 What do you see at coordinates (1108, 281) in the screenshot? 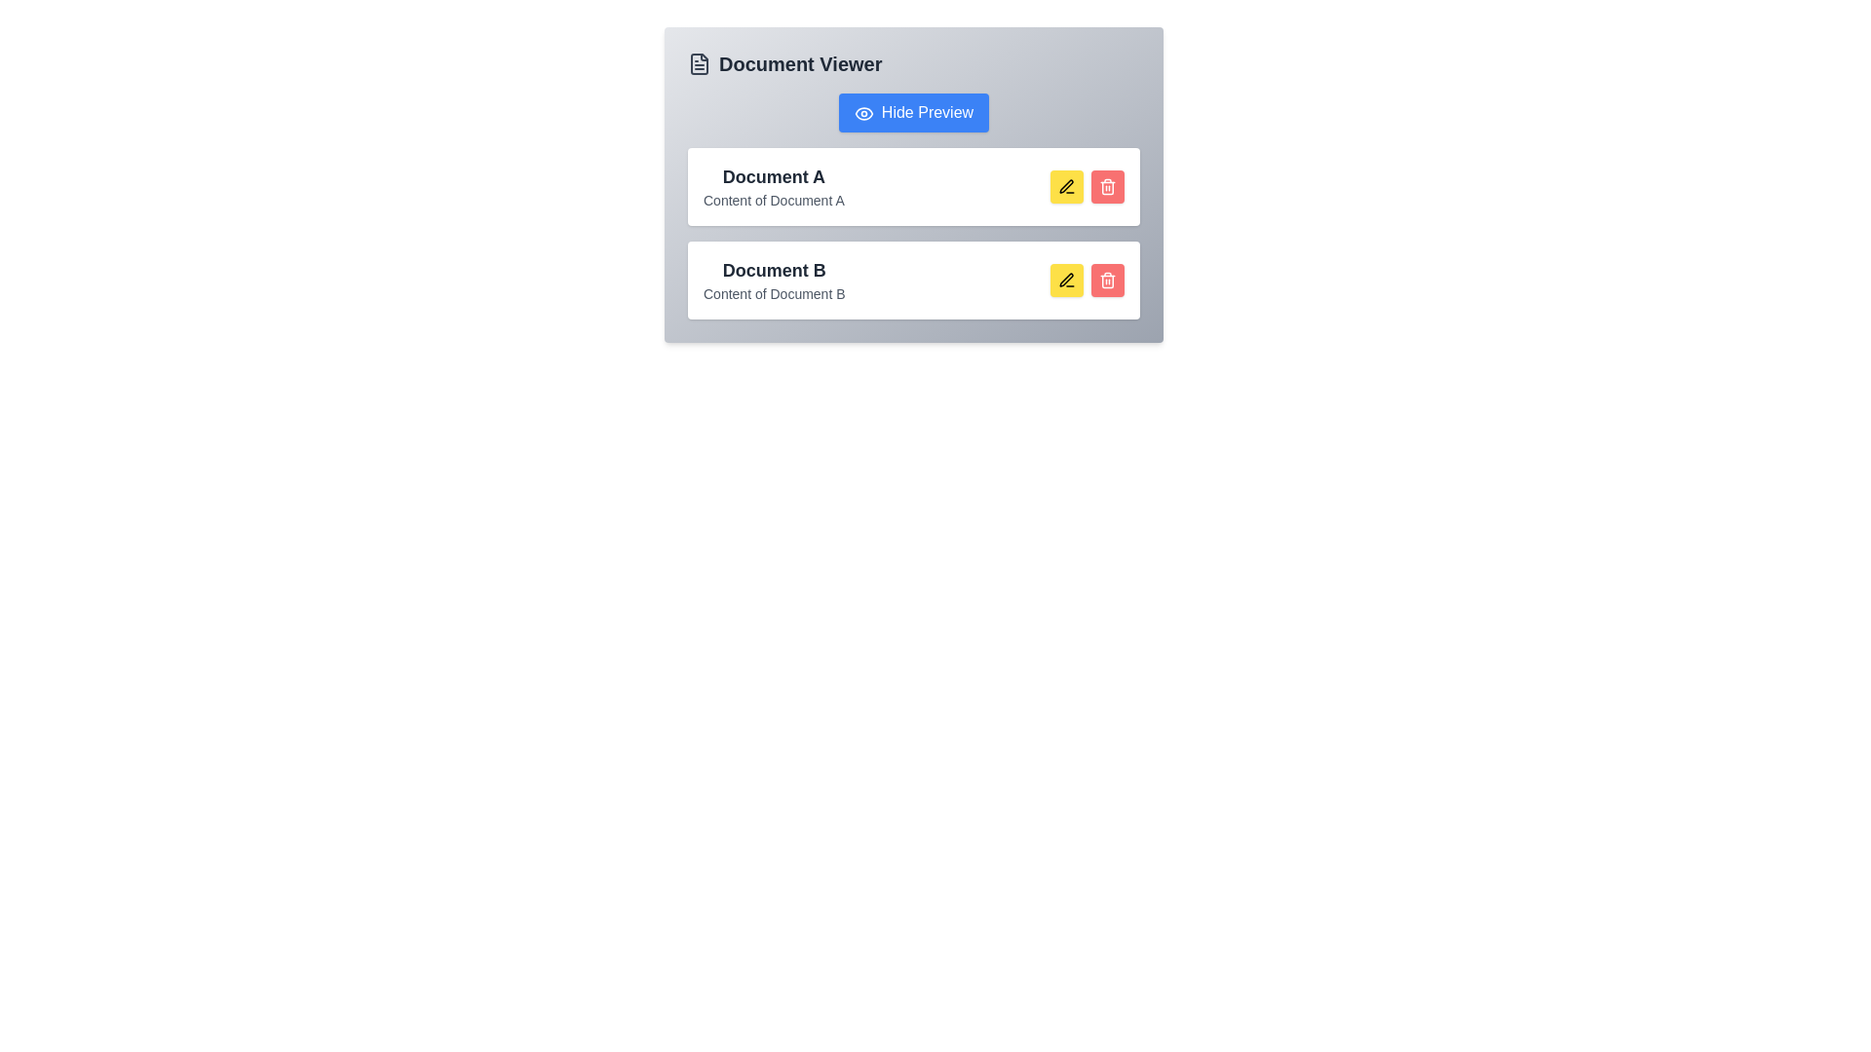
I see `the trash bin icon with a red background, located to the far-right of the 'Document B' text and adjacent to the yellow pencil icon` at bounding box center [1108, 281].